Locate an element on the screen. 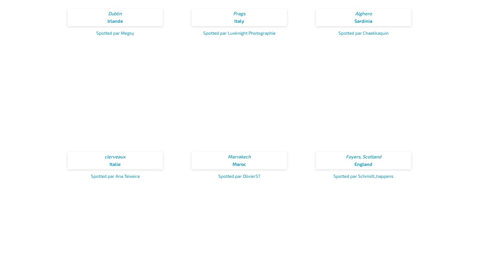 This screenshot has height=278, width=479. 'clerveaux' is located at coordinates (115, 156).